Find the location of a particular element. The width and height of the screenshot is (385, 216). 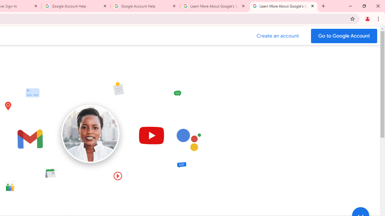

'Google Account Help' is located at coordinates (76, 6).